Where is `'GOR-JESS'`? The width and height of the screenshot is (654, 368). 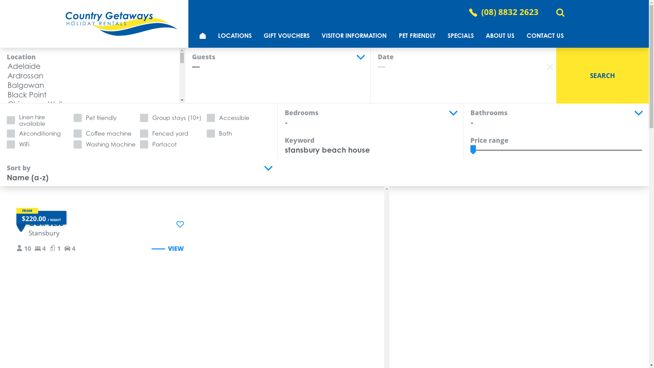 'GOR-JESS' is located at coordinates (45, 223).